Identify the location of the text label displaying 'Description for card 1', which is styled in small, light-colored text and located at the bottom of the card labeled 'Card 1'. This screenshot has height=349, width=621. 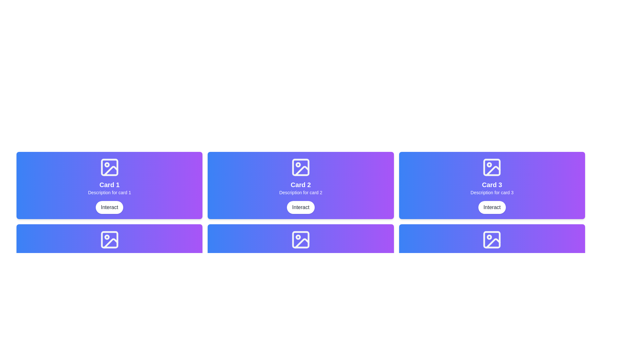
(109, 192).